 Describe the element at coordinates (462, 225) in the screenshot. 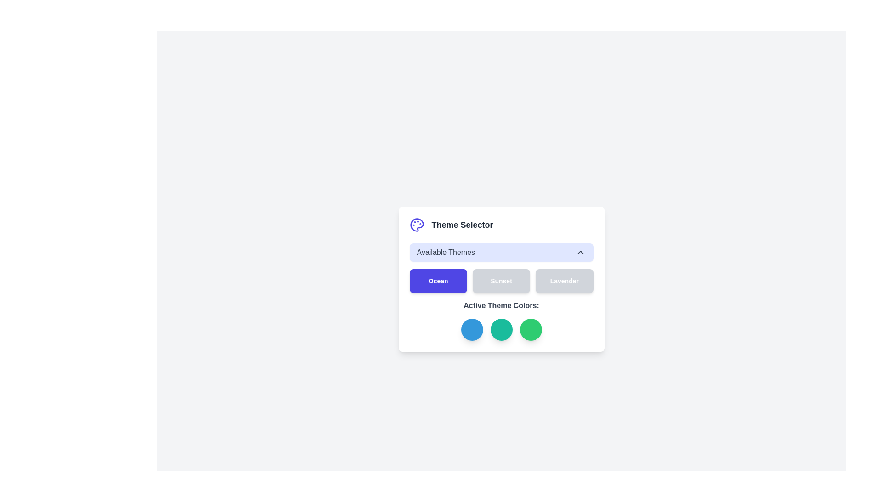

I see `the bold text label reading 'Theme Selector' which is prominently displayed above the dropdown labeled 'Available Themes'` at that location.